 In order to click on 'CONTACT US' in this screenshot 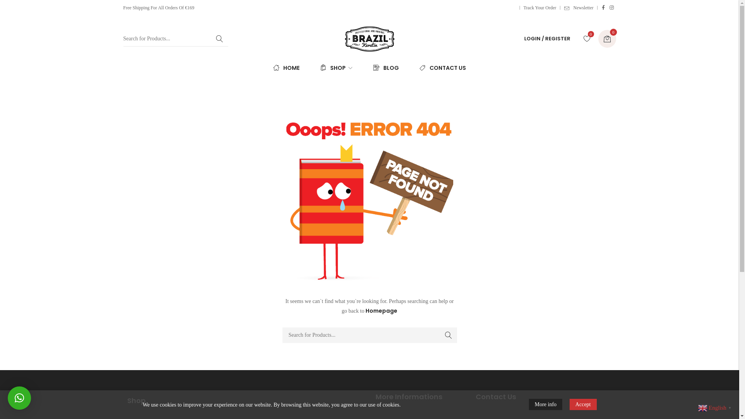, I will do `click(441, 67)`.